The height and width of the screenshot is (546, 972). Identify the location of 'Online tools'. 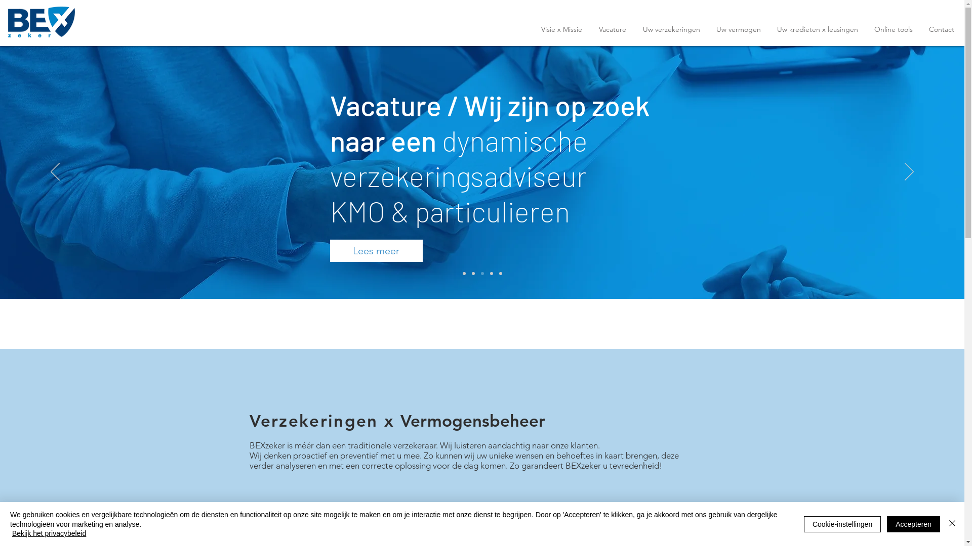
(894, 29).